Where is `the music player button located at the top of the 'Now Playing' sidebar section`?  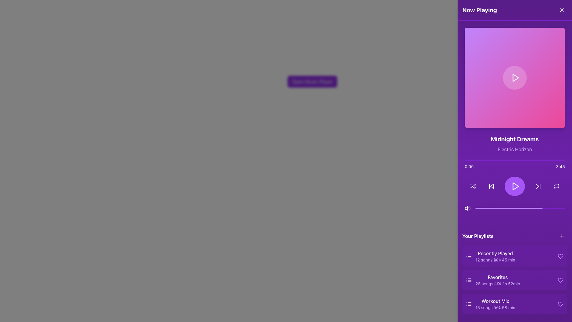 the music player button located at the top of the 'Now Playing' sidebar section is located at coordinates (312, 81).